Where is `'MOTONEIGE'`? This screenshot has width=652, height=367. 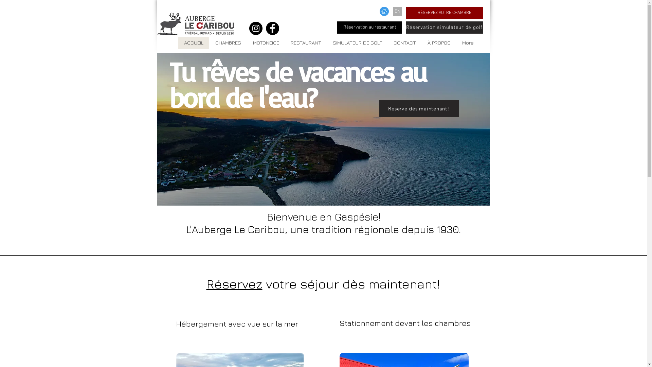 'MOTONEIGE' is located at coordinates (246, 43).